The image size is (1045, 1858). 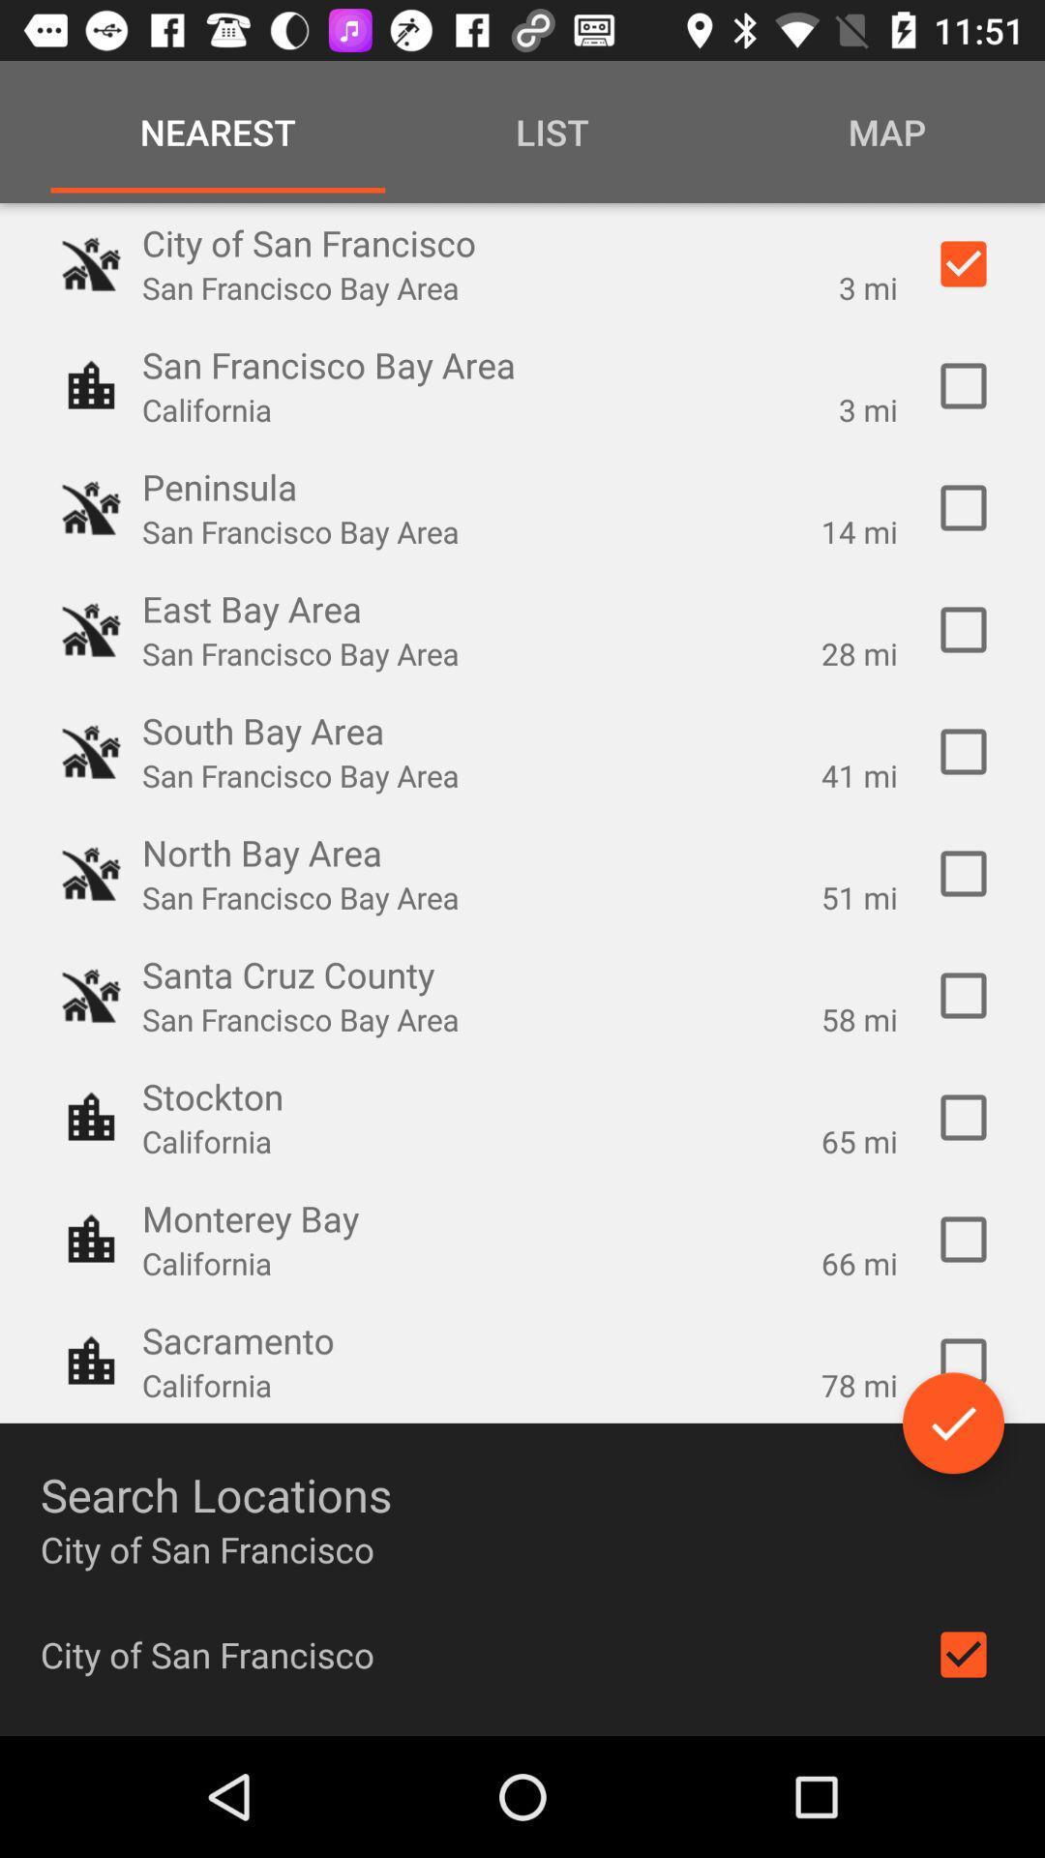 What do you see at coordinates (963, 1653) in the screenshot?
I see `the icon next to the city of san` at bounding box center [963, 1653].